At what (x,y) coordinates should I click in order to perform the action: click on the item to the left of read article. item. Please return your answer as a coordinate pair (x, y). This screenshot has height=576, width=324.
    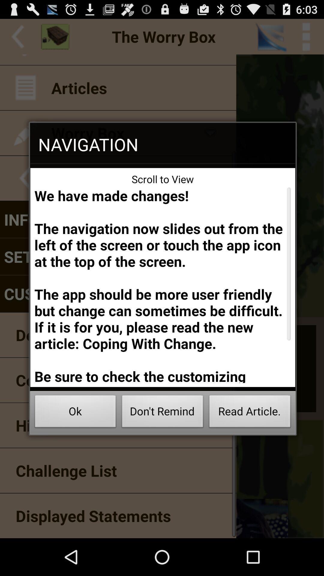
    Looking at the image, I should click on (163, 413).